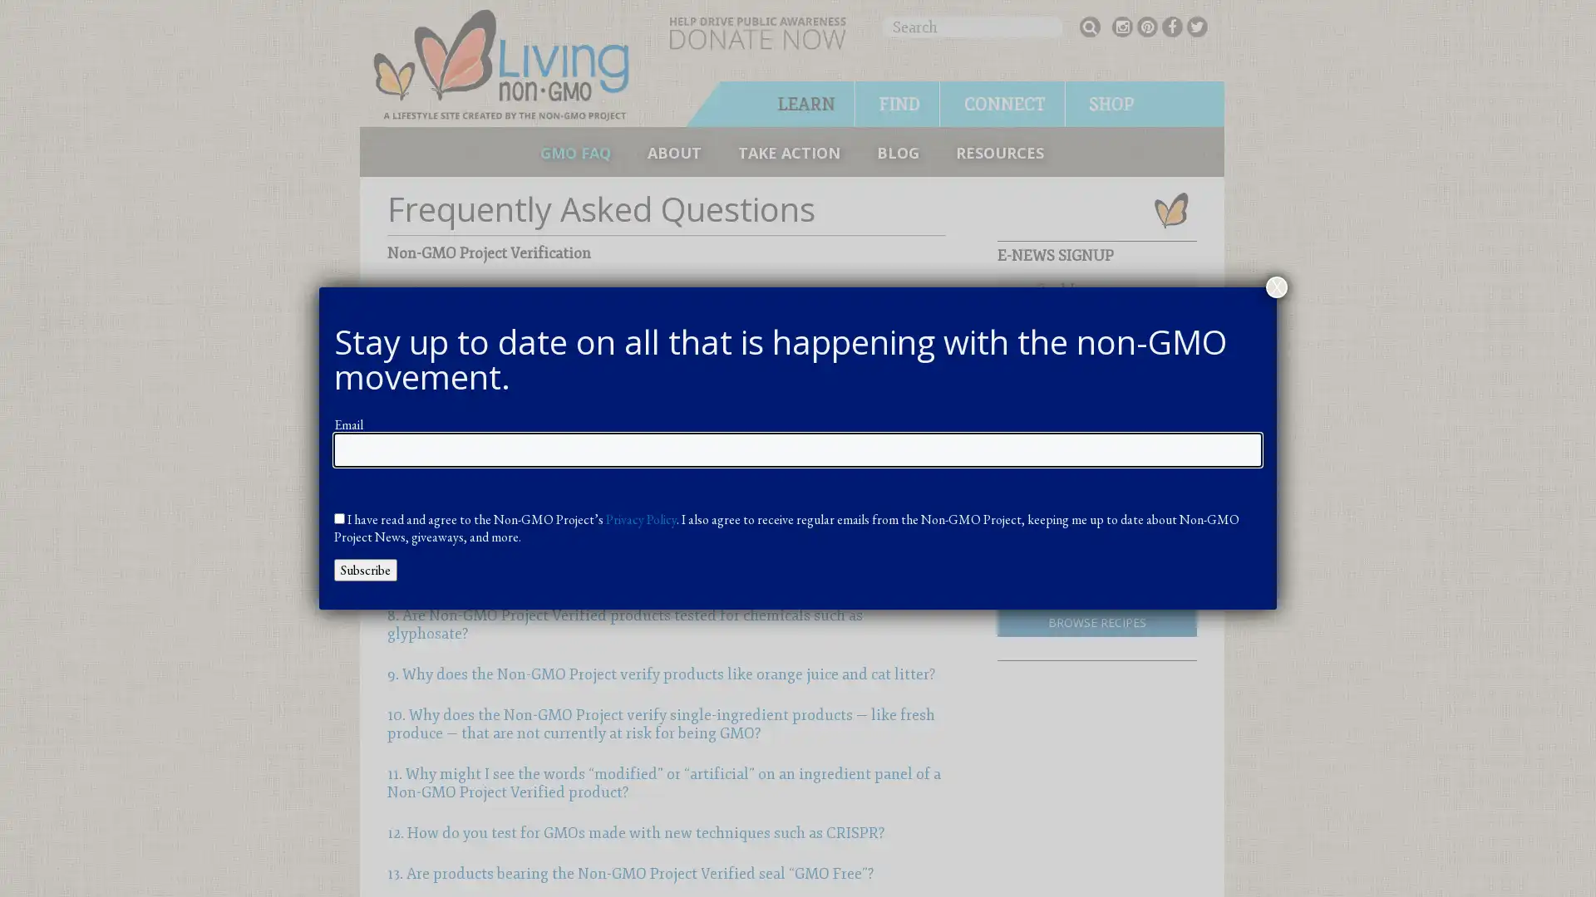 This screenshot has width=1596, height=897. Describe the element at coordinates (1276, 285) in the screenshot. I see `Close` at that location.